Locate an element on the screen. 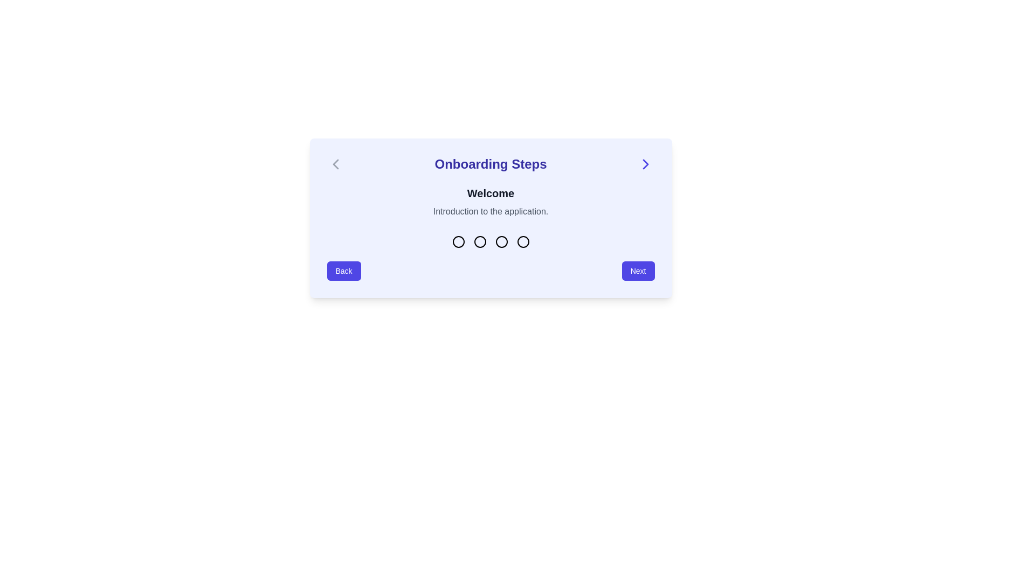  the chevron or right-arrow icon located at the top right-hand corner of the centered panel, which is styled as an interactive navigation component is located at coordinates (646, 164).